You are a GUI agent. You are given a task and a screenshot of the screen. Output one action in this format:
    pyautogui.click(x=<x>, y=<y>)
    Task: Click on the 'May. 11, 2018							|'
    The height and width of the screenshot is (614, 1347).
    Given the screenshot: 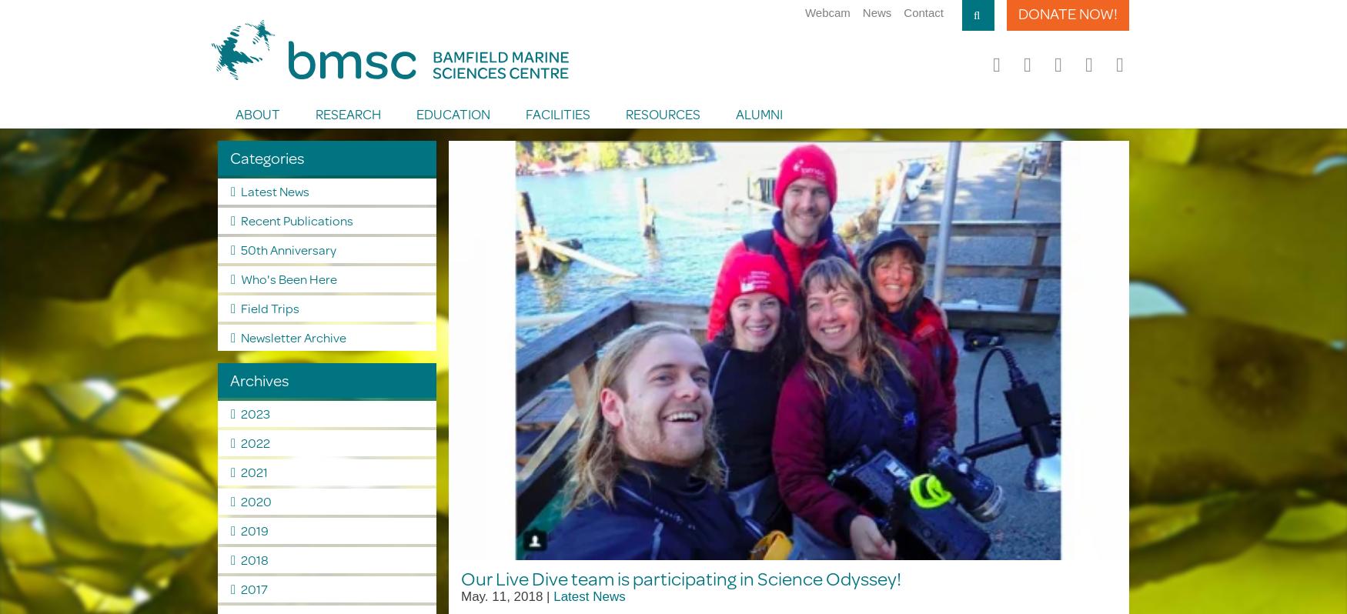 What is the action you would take?
    pyautogui.click(x=506, y=596)
    